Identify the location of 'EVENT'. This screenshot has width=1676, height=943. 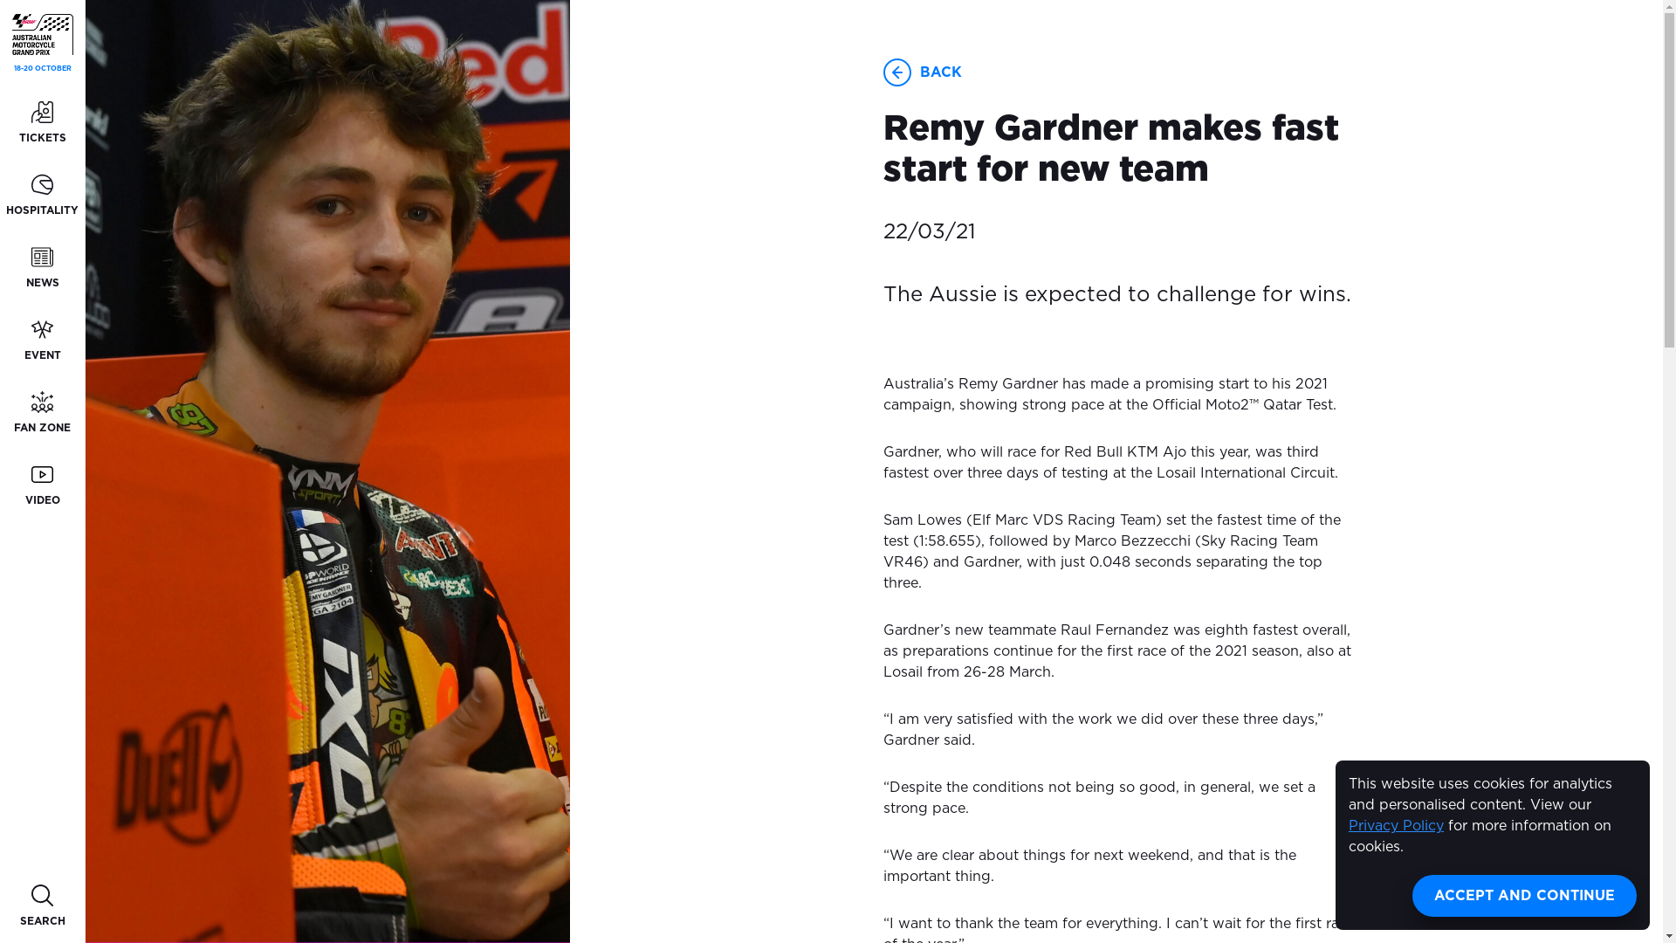
(42, 341).